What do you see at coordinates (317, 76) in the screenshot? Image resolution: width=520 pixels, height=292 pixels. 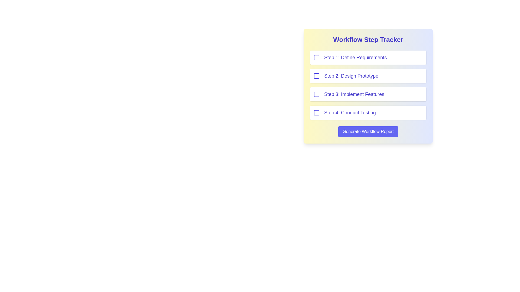 I see `the checkbox located to the left of the text 'Step 2: Design Prototype' in the vertical step tracker` at bounding box center [317, 76].